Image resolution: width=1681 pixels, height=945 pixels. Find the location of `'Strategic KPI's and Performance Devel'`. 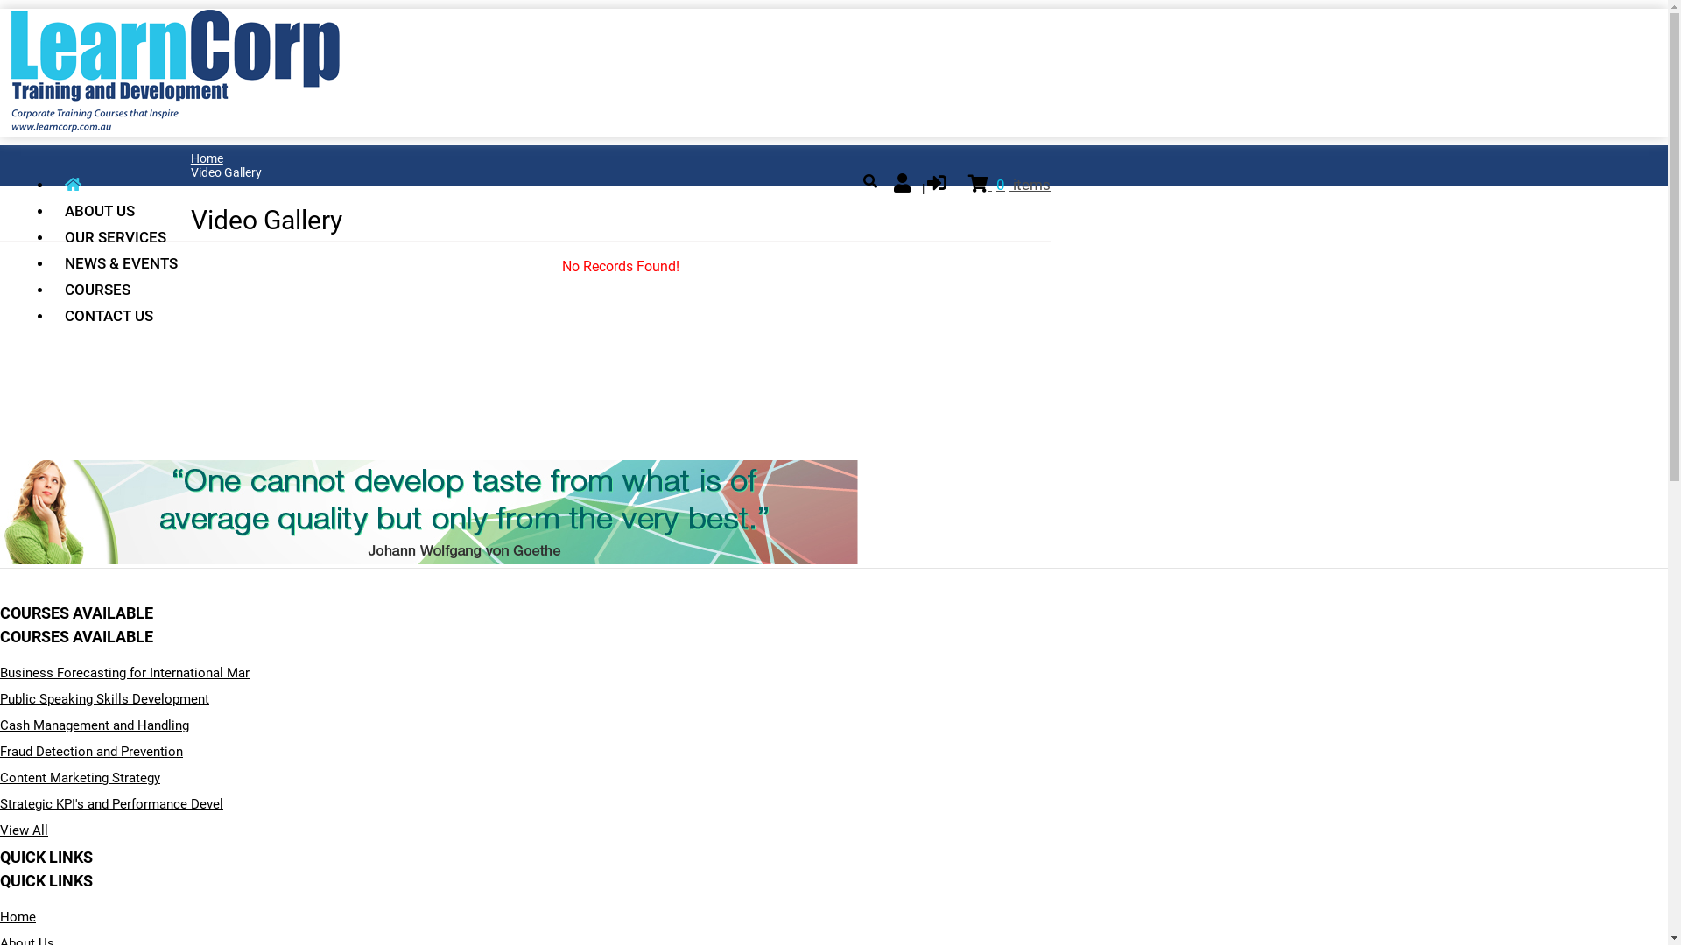

'Strategic KPI's and Performance Devel' is located at coordinates (0, 803).